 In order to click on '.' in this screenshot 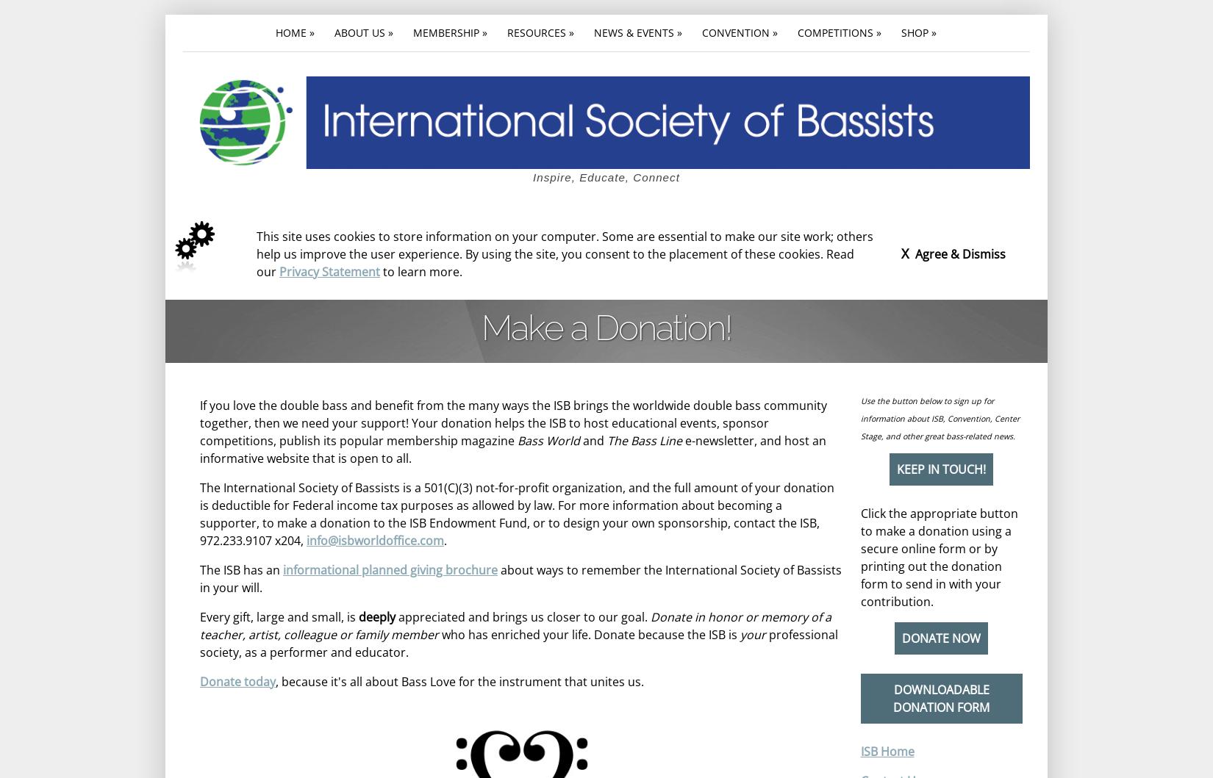, I will do `click(445, 540)`.